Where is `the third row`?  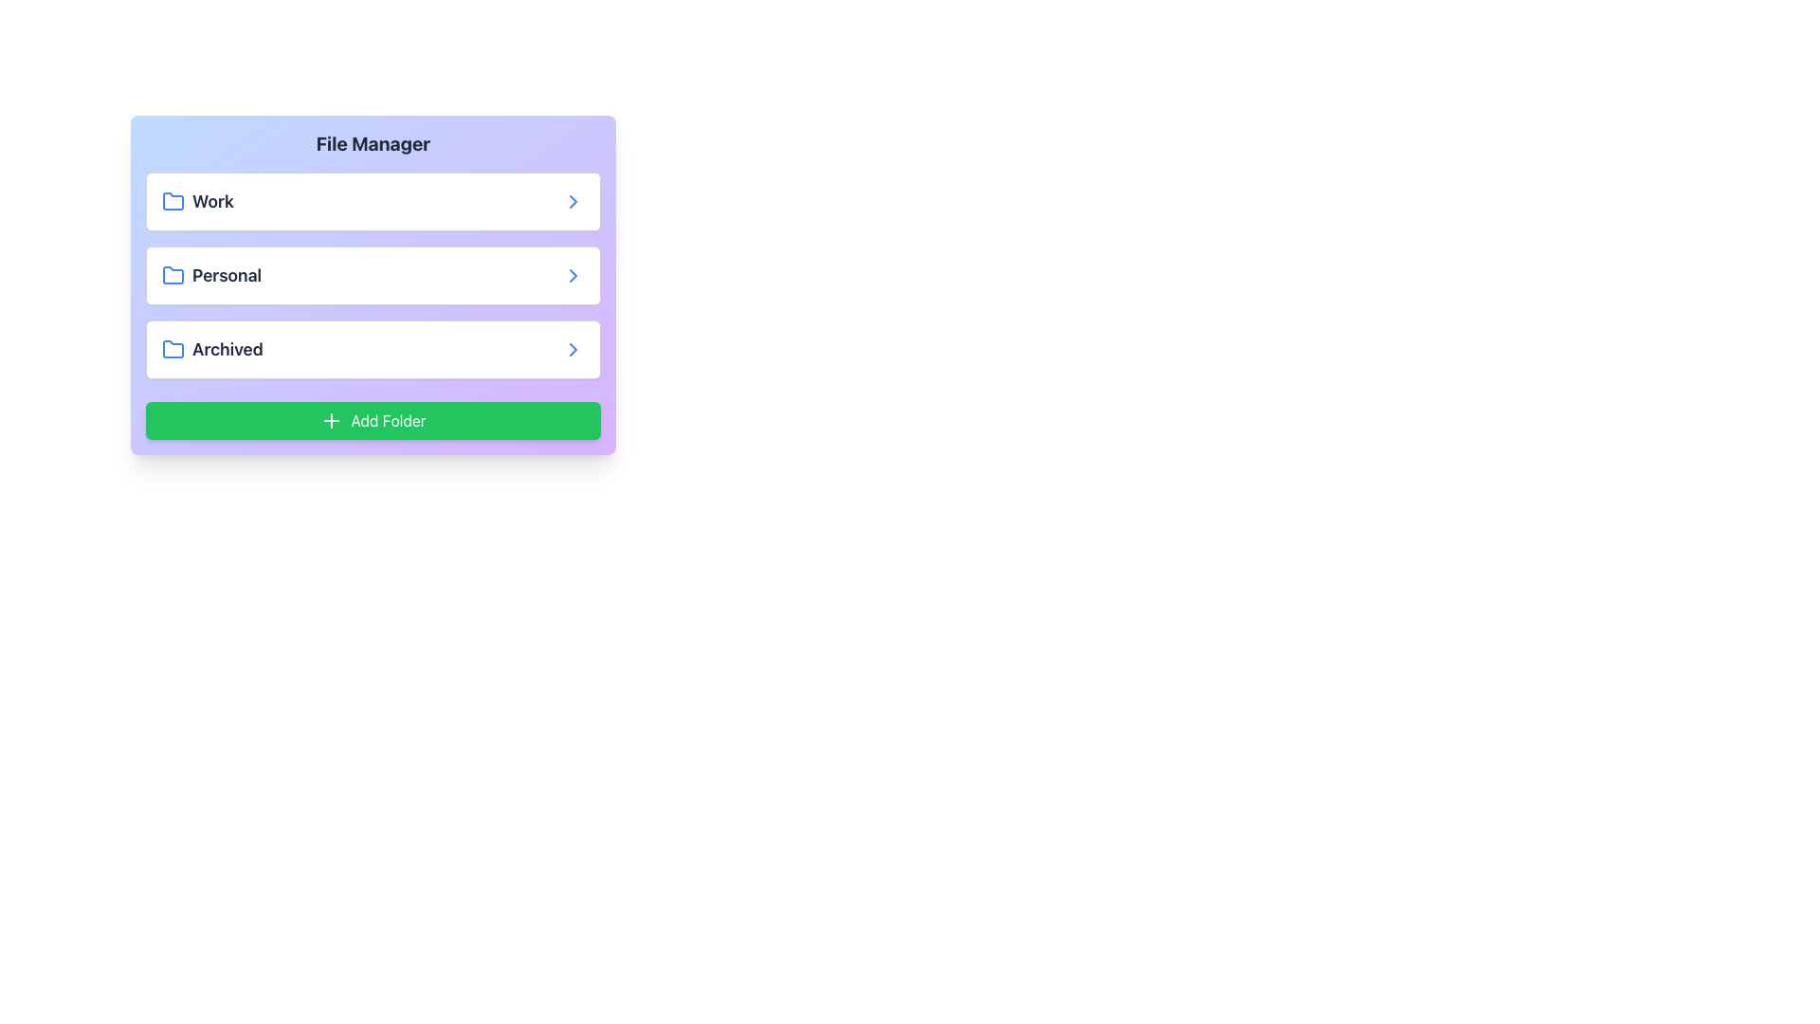
the third row is located at coordinates (373, 350).